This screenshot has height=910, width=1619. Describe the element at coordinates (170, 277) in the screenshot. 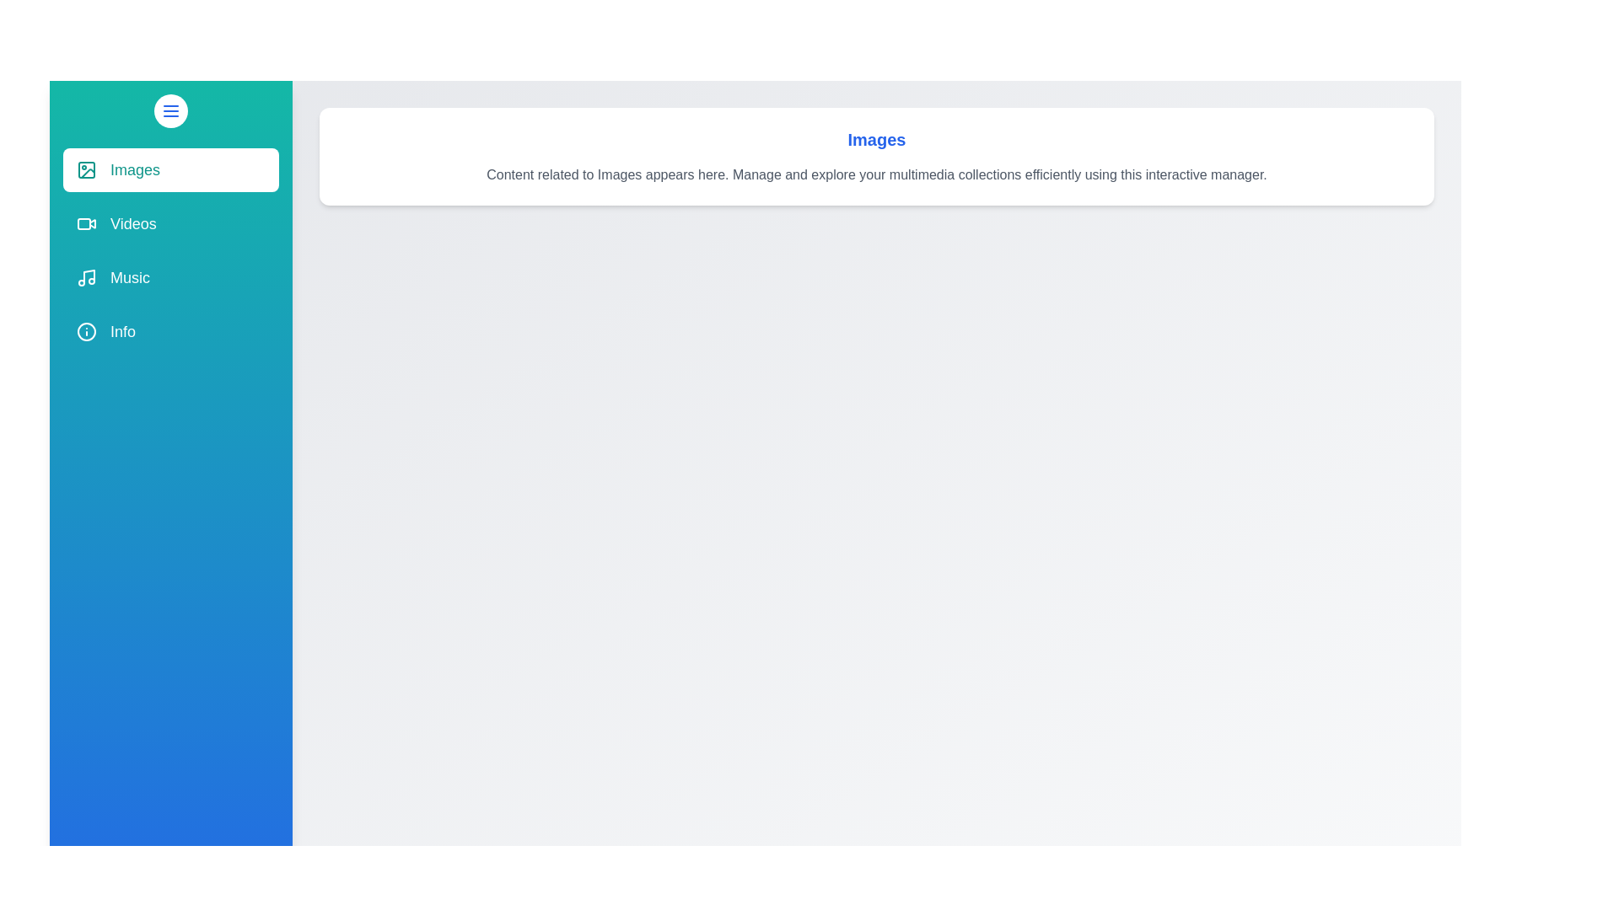

I see `the section Music to select it` at that location.